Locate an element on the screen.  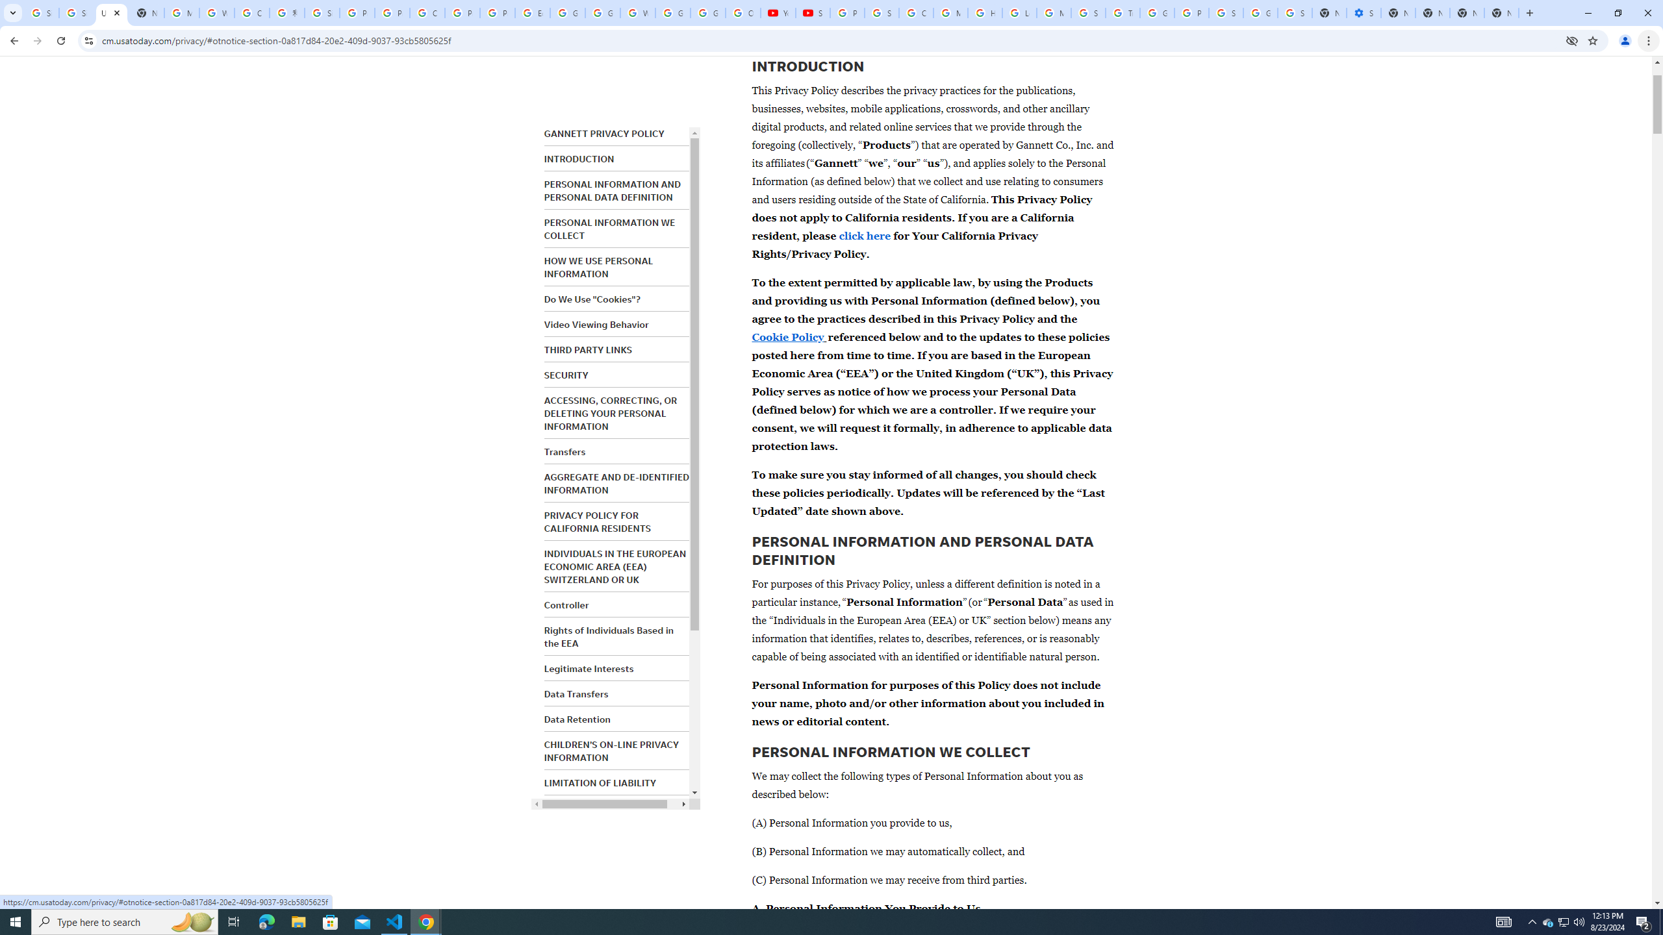
'INTRODUCTION' is located at coordinates (579, 158).